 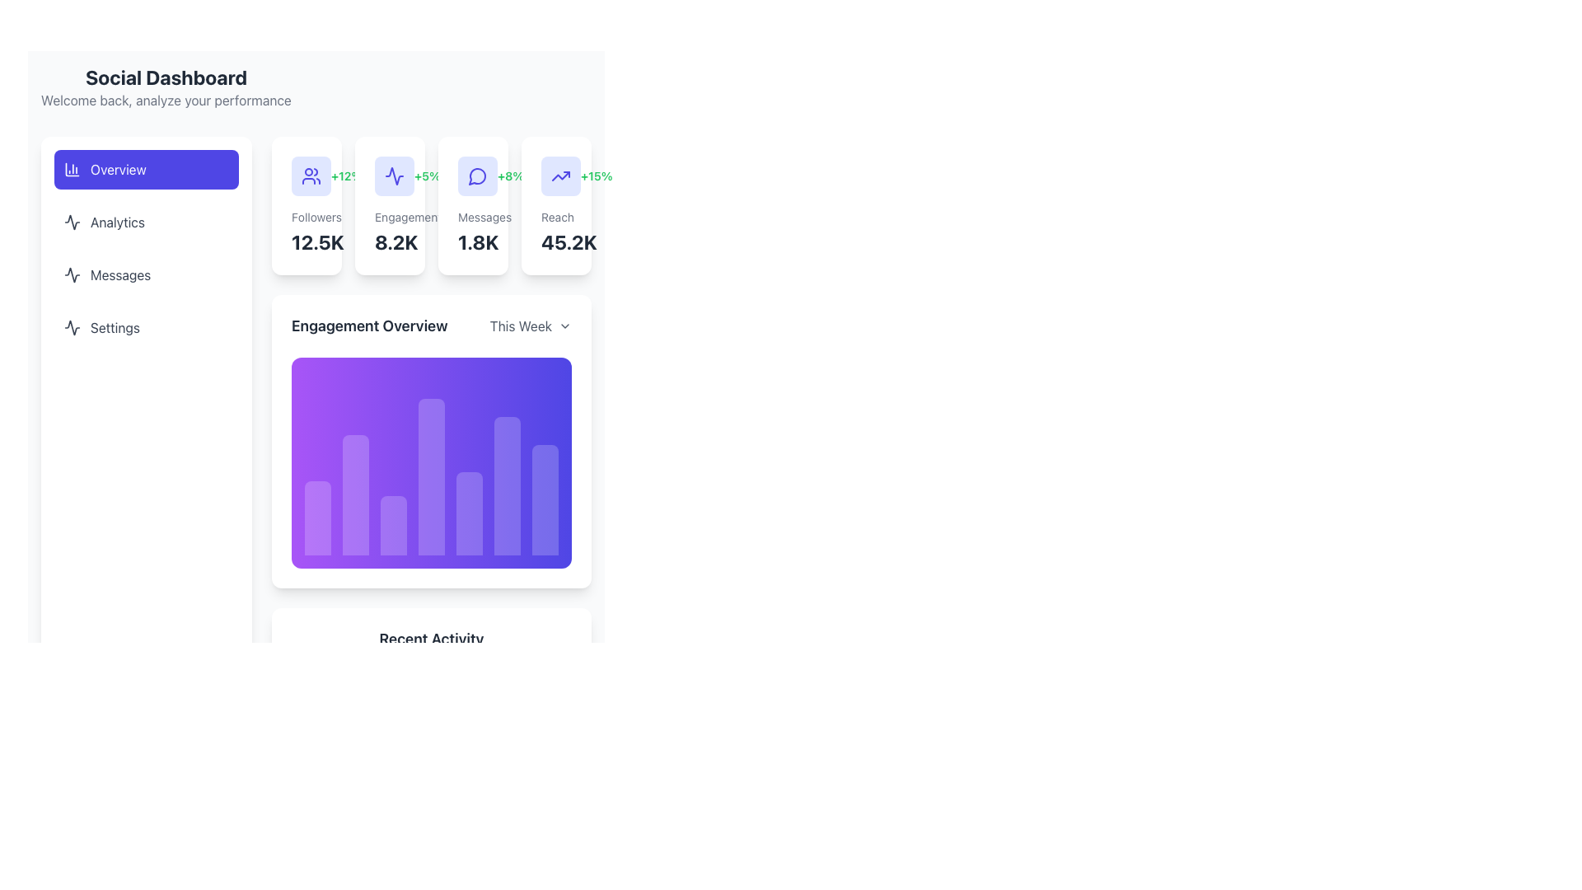 I want to click on the Dropdown Menu Trigger located in the upper-right corner of the 'Engagement Overview' section, so click(x=531, y=326).